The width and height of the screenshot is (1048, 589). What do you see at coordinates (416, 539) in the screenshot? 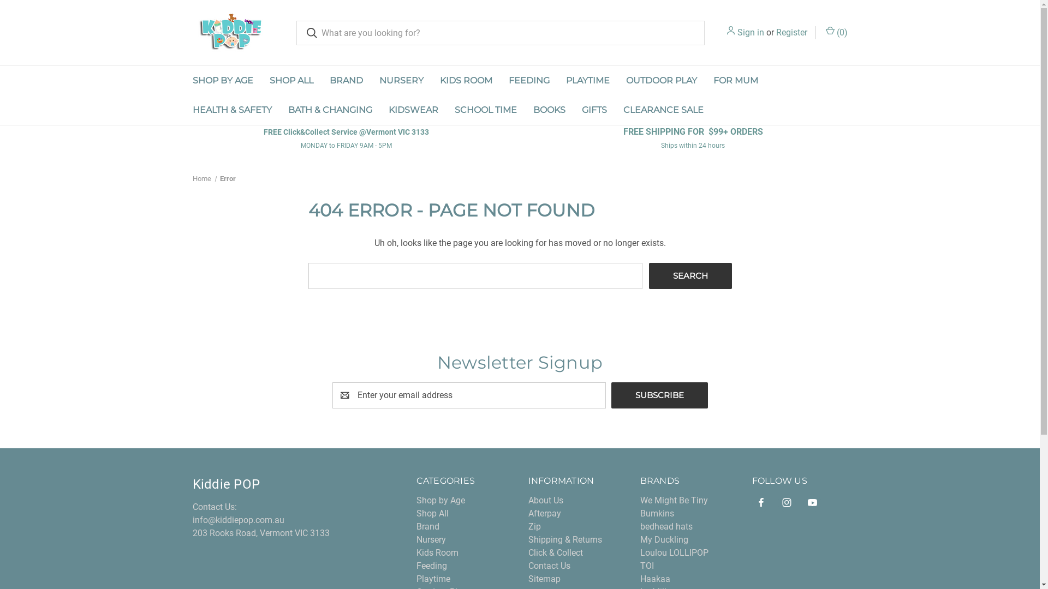
I see `'Nursery'` at bounding box center [416, 539].